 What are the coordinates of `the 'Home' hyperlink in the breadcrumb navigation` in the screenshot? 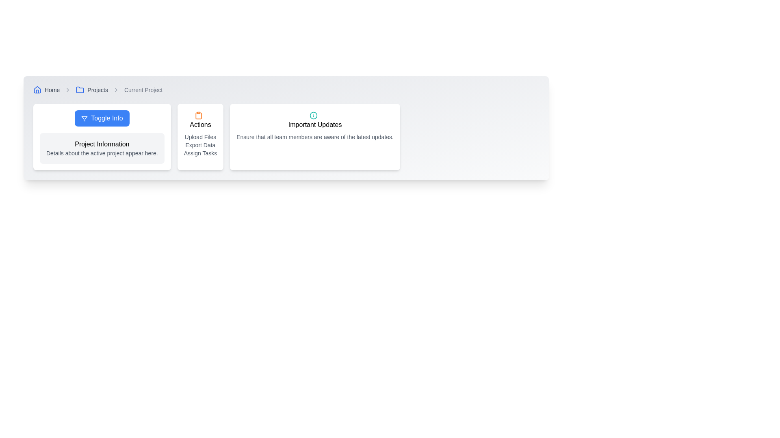 It's located at (52, 90).